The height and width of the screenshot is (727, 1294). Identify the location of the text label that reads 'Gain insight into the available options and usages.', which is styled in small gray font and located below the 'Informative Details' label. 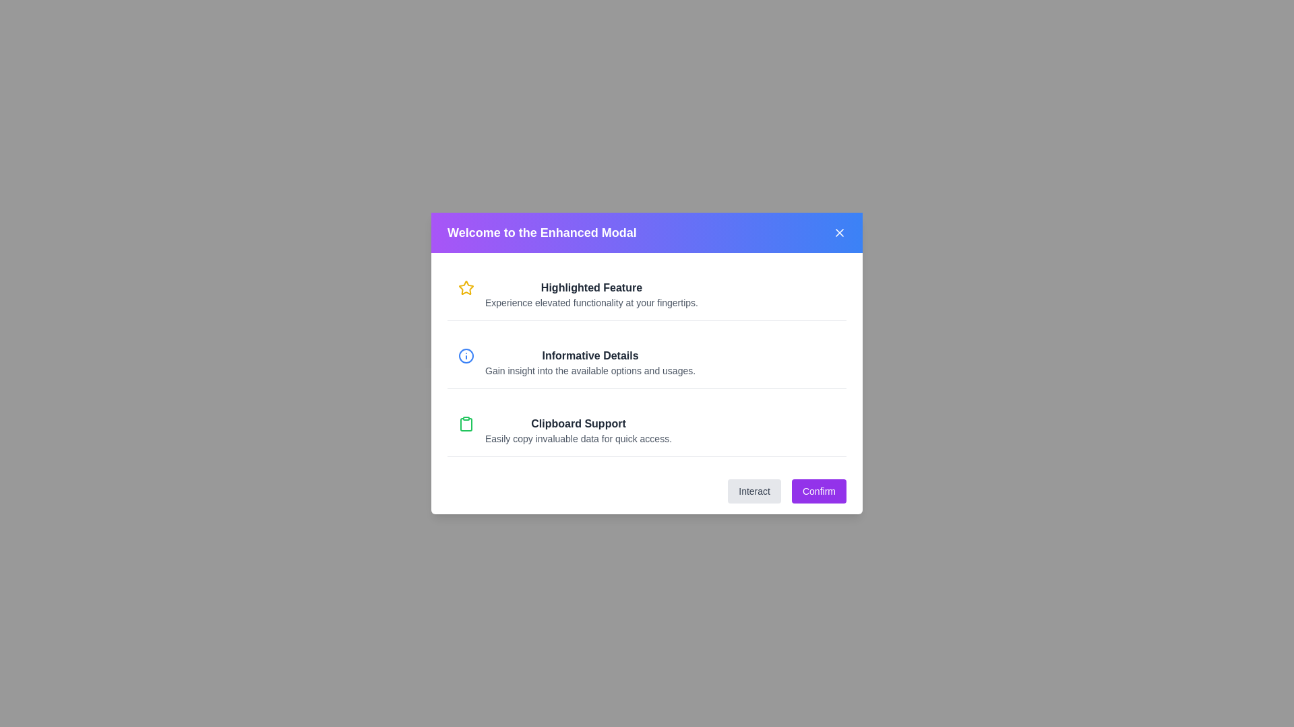
(590, 371).